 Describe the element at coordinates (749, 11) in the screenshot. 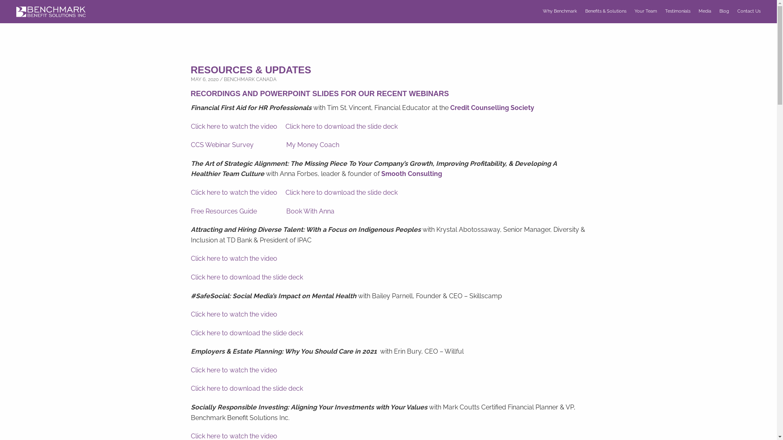

I see `'Contact Us'` at that location.